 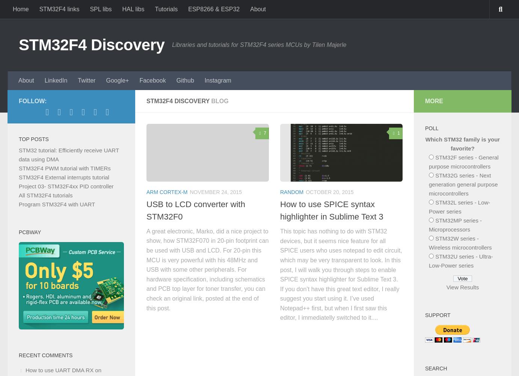 I want to click on 'View Results', so click(x=462, y=287).